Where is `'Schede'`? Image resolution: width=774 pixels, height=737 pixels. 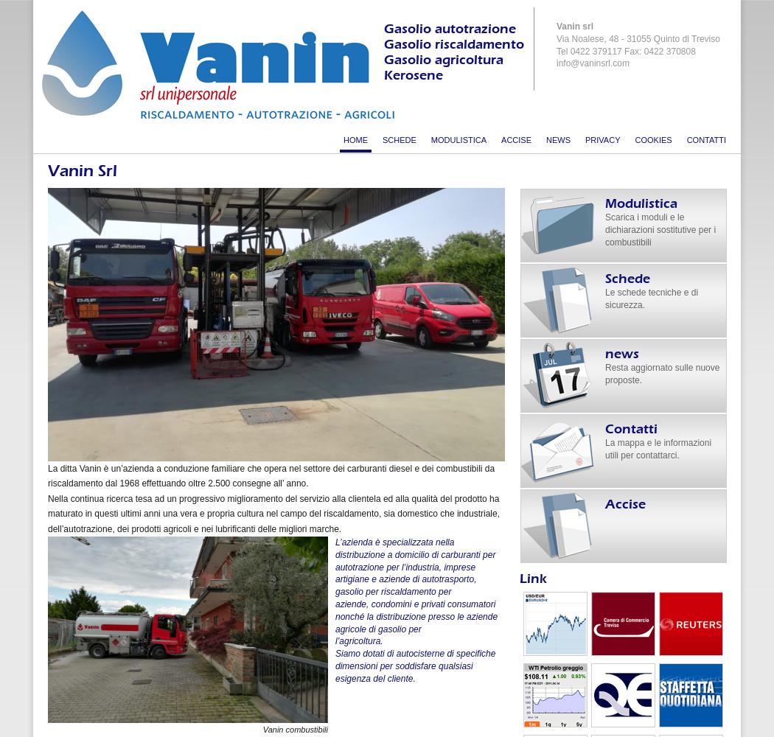 'Schede' is located at coordinates (604, 279).